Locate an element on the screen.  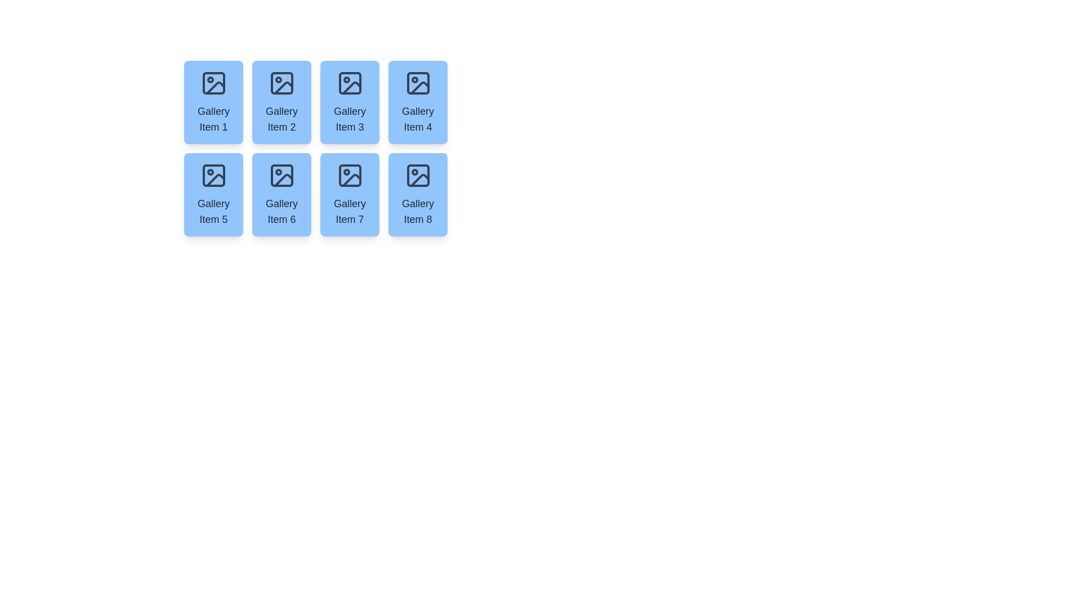
label that identifies the contents of the 'Gallery Item 7' card, located in the second row of the gallery grid is located at coordinates (349, 211).